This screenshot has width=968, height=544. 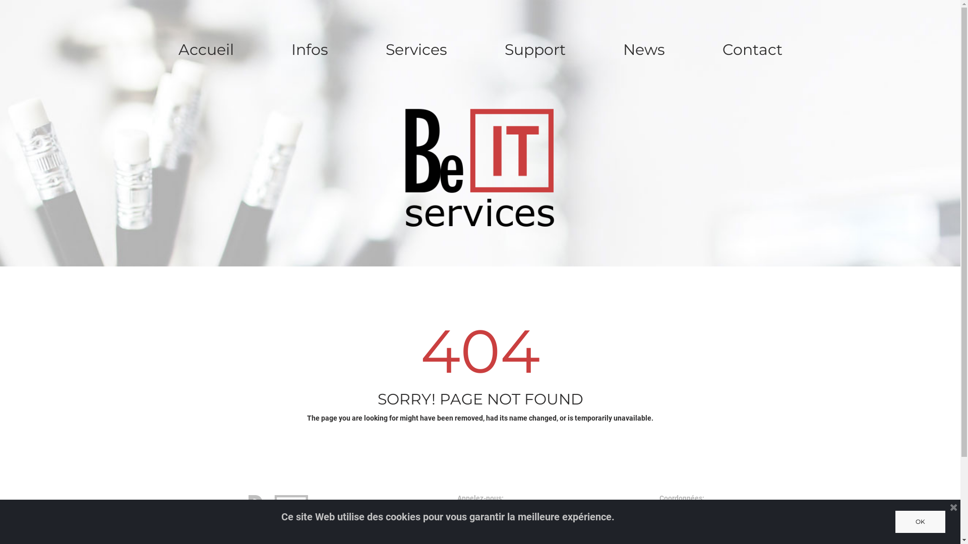 What do you see at coordinates (157, 50) in the screenshot?
I see `'Accueil'` at bounding box center [157, 50].